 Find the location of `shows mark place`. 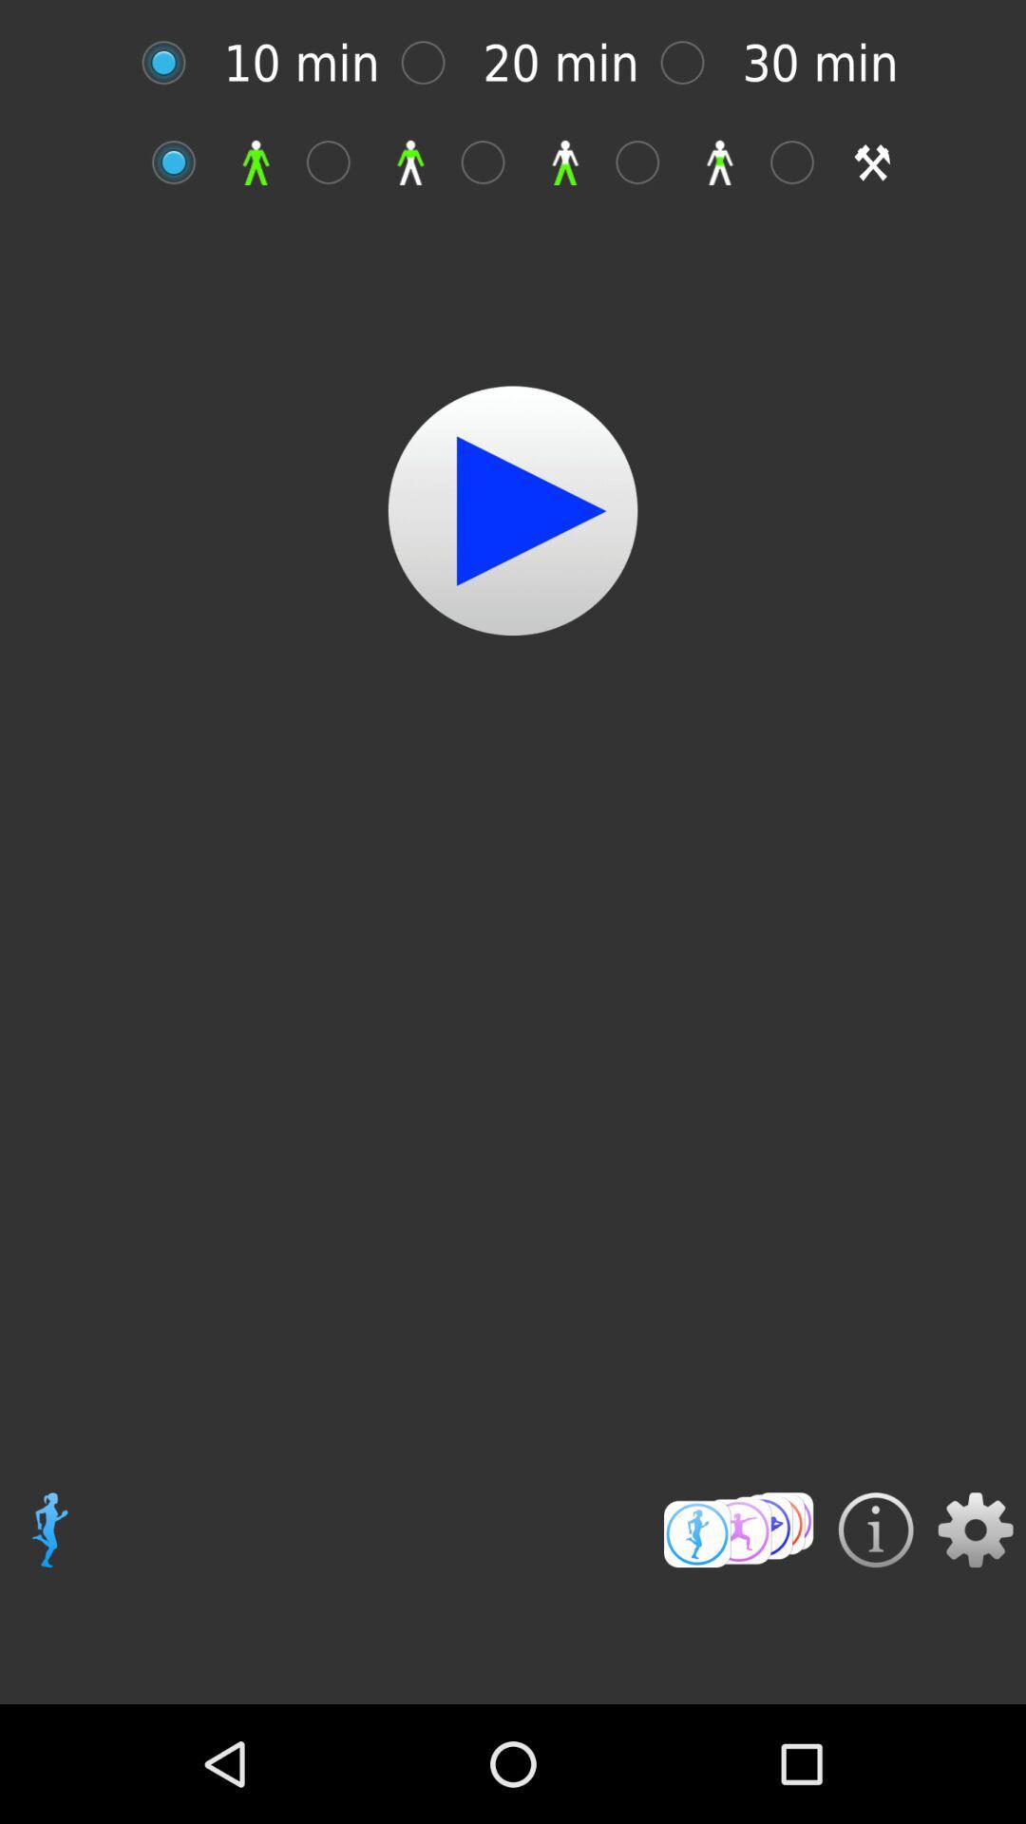

shows mark place is located at coordinates (693, 63).